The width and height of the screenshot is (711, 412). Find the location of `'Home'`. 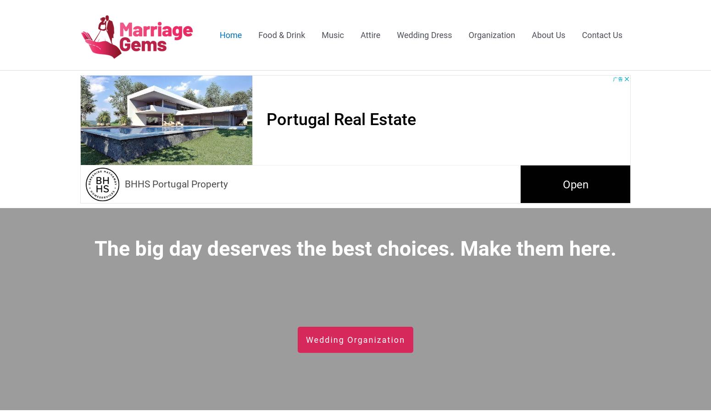

'Home' is located at coordinates (230, 34).